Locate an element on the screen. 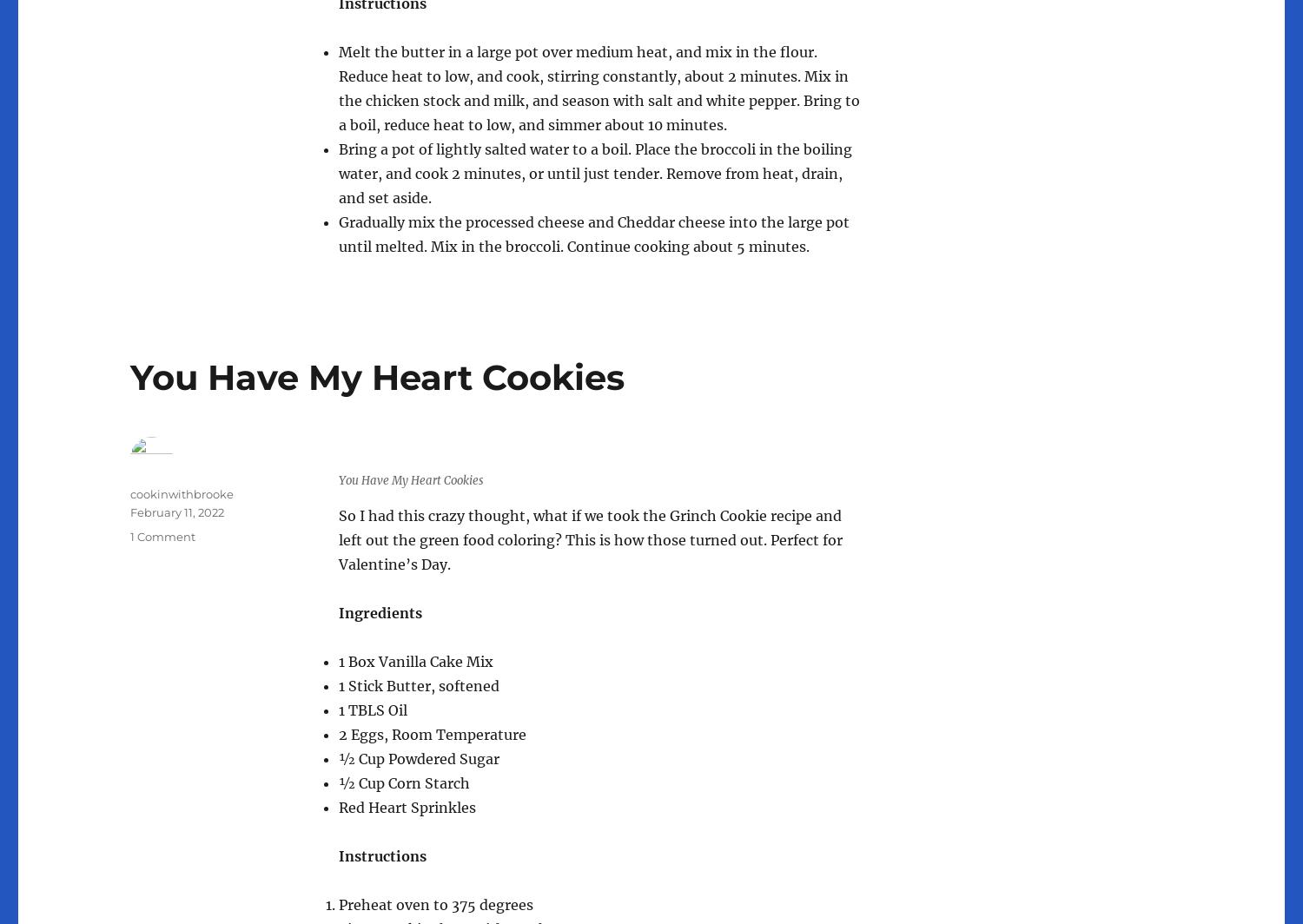 Image resolution: width=1303 pixels, height=924 pixels. 'Preheat oven to 375 degrees' is located at coordinates (436, 904).